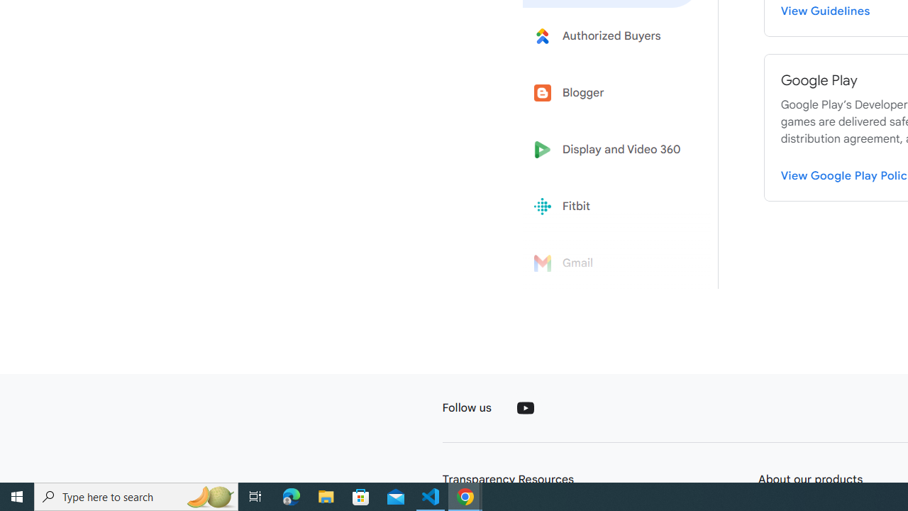 This screenshot has height=511, width=908. Describe the element at coordinates (524, 407) in the screenshot. I see `'YouTube'` at that location.